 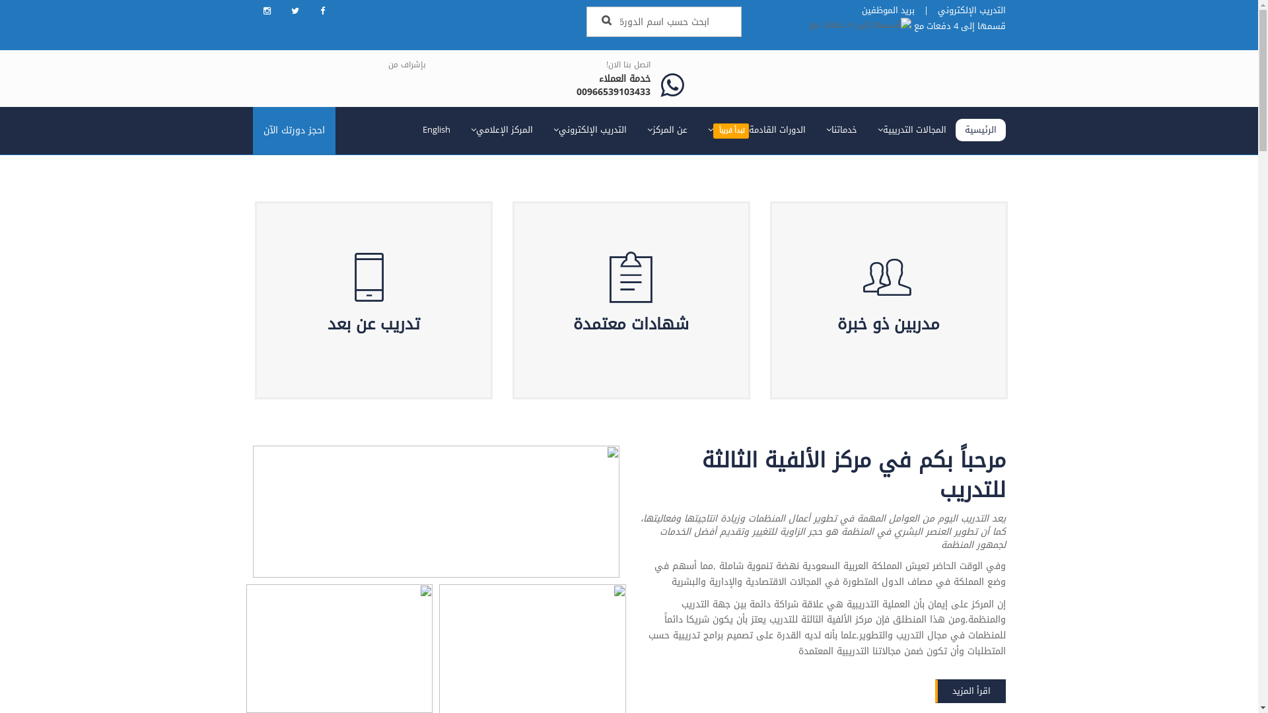 I want to click on '00966539103433', so click(x=577, y=91).